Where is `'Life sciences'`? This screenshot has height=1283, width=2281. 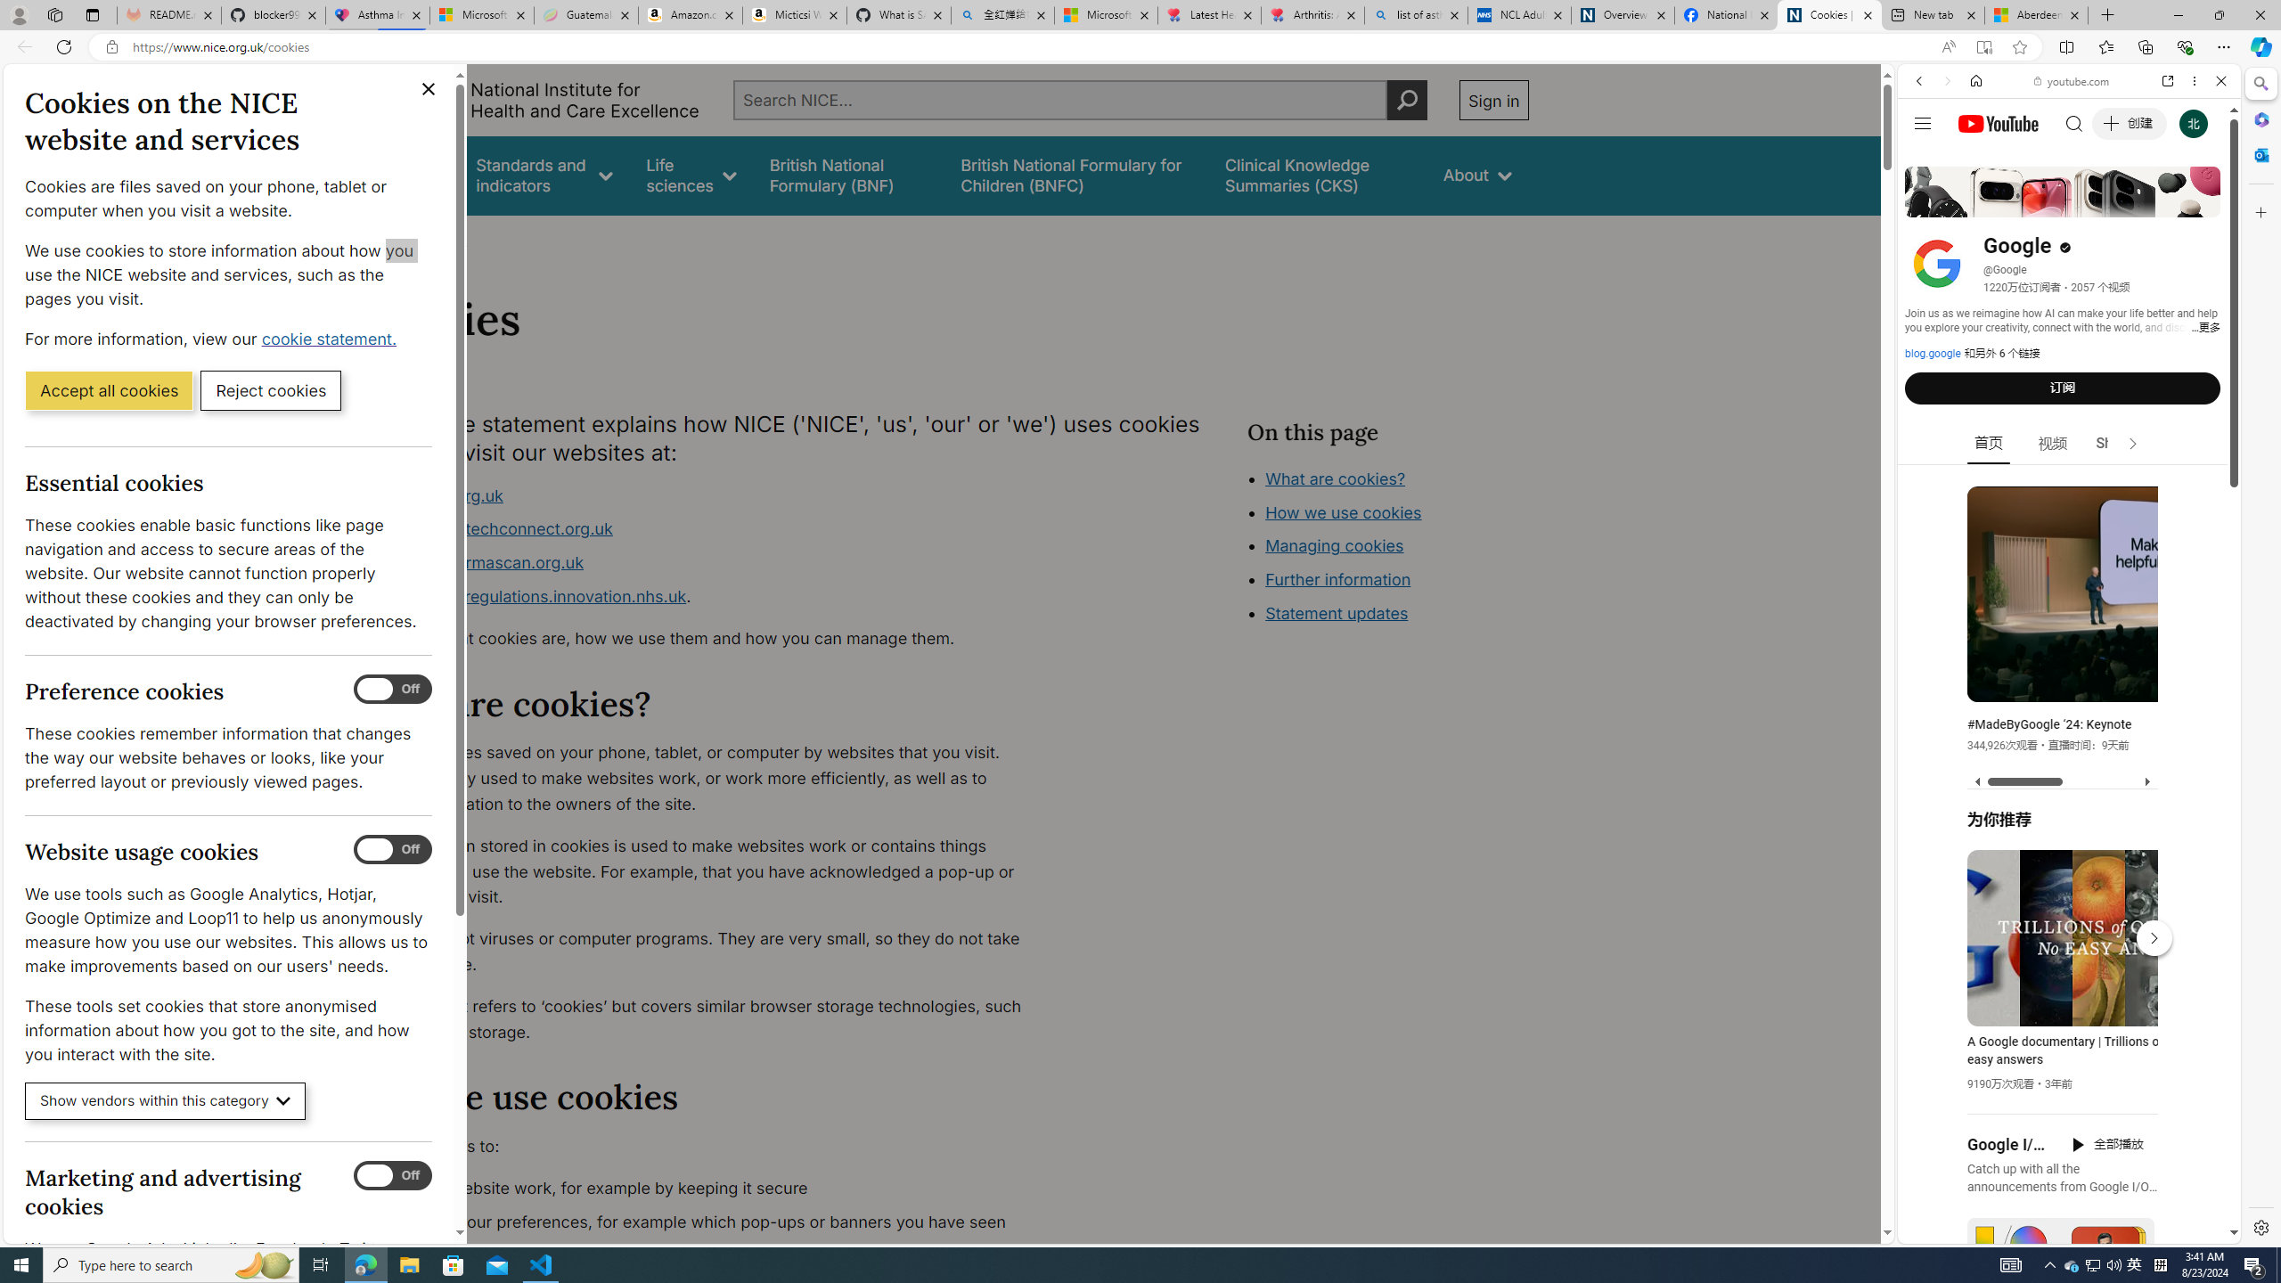
'Life sciences' is located at coordinates (690, 175).